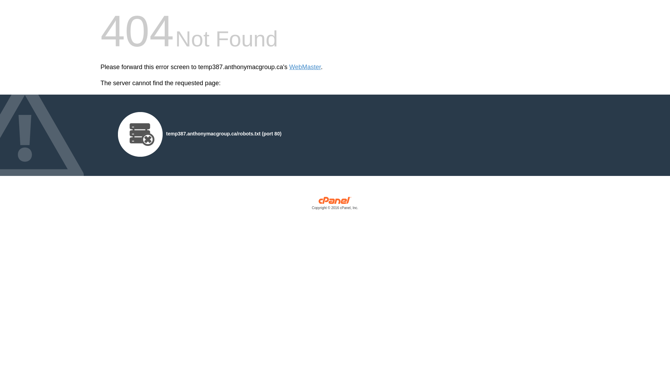 The height and width of the screenshot is (377, 670). I want to click on 'WebMaster', so click(305, 67).